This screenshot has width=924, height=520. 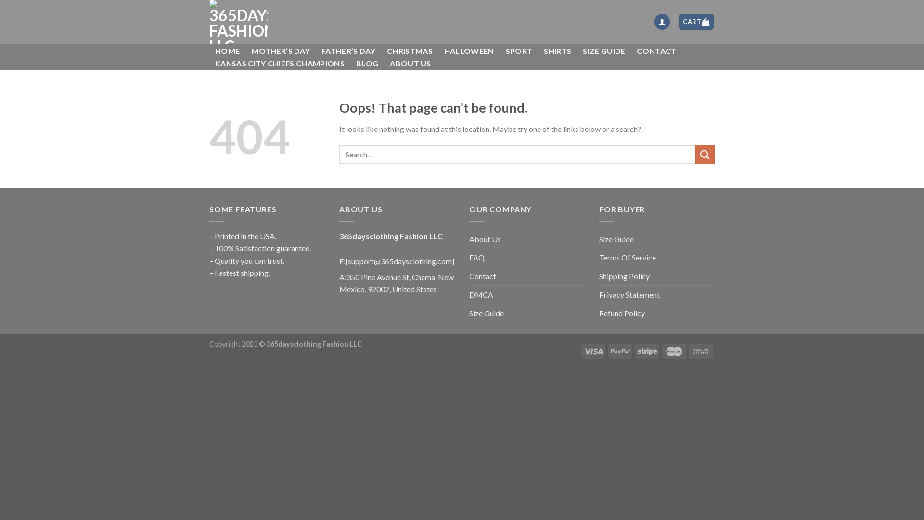 I want to click on 'HALLOWEEN', so click(x=469, y=51).